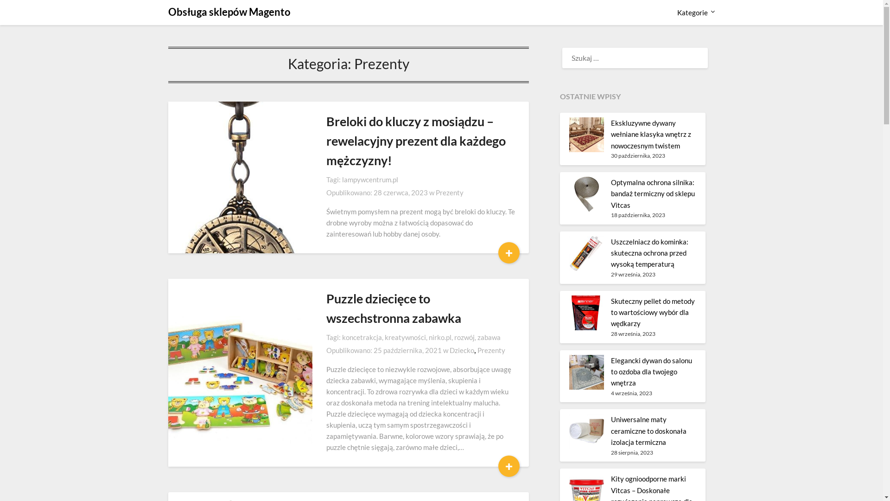 Image resolution: width=890 pixels, height=501 pixels. Describe the element at coordinates (509, 466) in the screenshot. I see `'+'` at that location.